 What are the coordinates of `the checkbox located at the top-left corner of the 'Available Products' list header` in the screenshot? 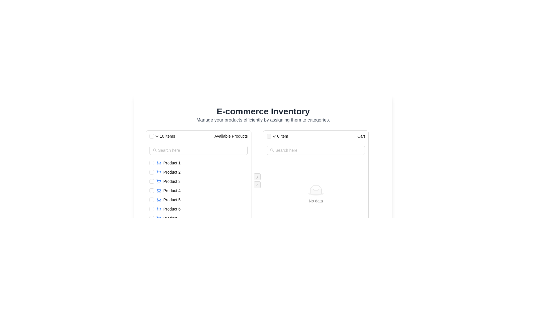 It's located at (152, 136).